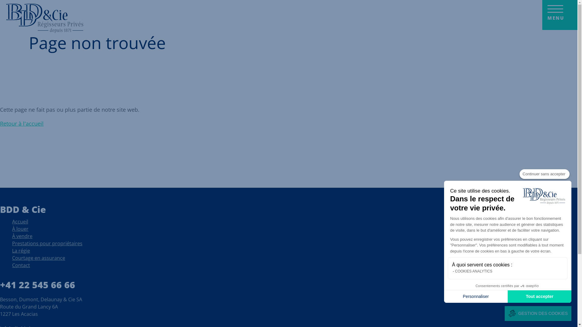 The width and height of the screenshot is (582, 327). Describe the element at coordinates (38, 259) in the screenshot. I see `'Courtage en assurance'` at that location.